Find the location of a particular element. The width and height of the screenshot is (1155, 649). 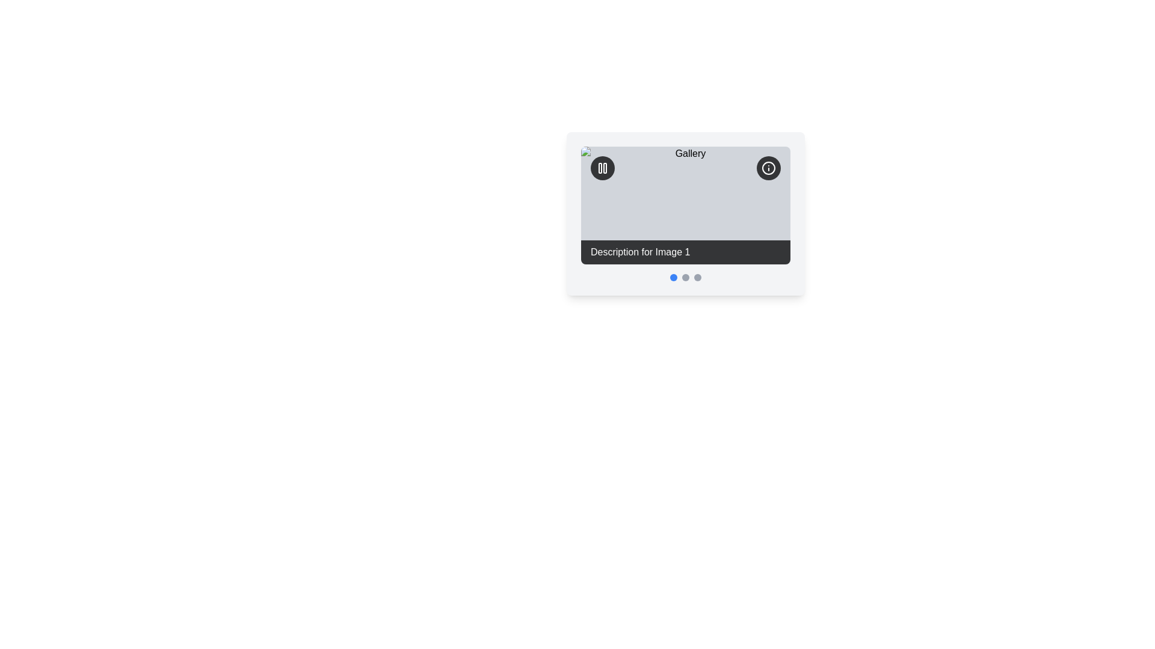

the 'Pause' button represented by two vertical bars located in the top-left corner of the interface within the gray box labeled 'Gallery' is located at coordinates (605, 168).